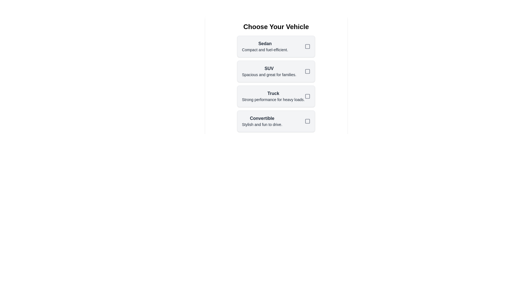  I want to click on the vehicle entry corresponding to Truck, so click(276, 96).